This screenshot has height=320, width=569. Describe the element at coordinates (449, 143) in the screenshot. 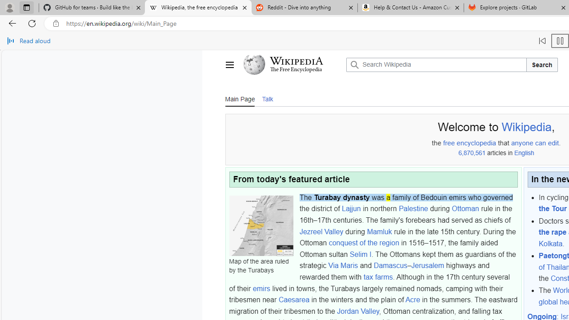

I see `'free'` at that location.